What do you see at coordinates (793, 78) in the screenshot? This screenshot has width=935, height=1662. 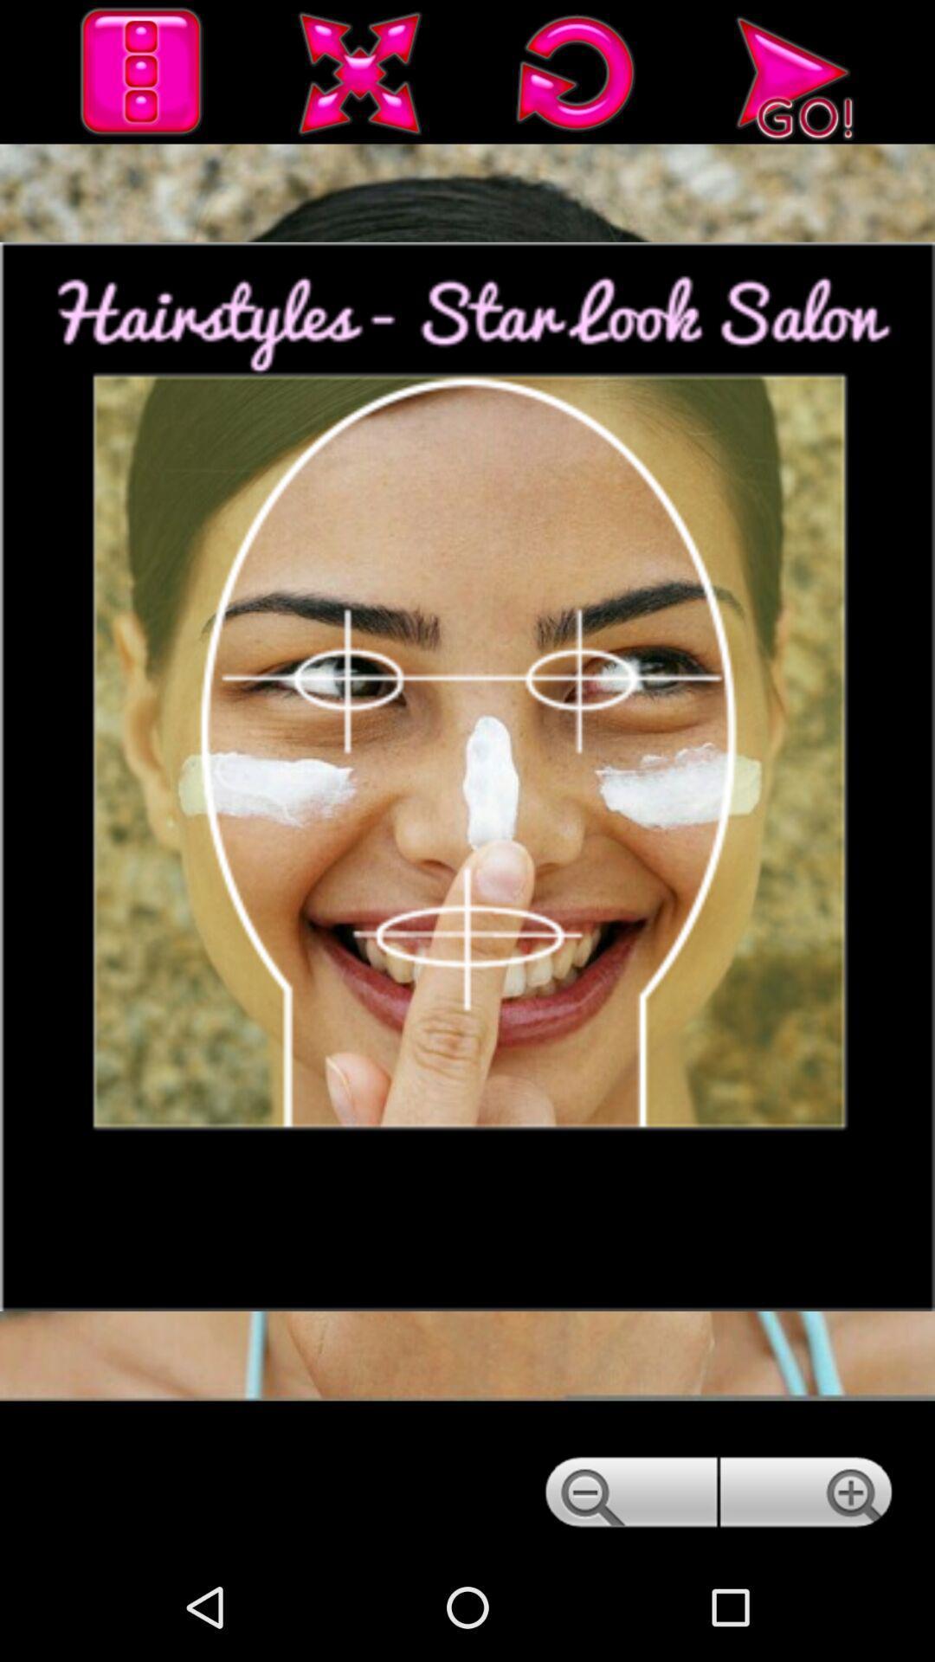 I see `the navigation icon` at bounding box center [793, 78].